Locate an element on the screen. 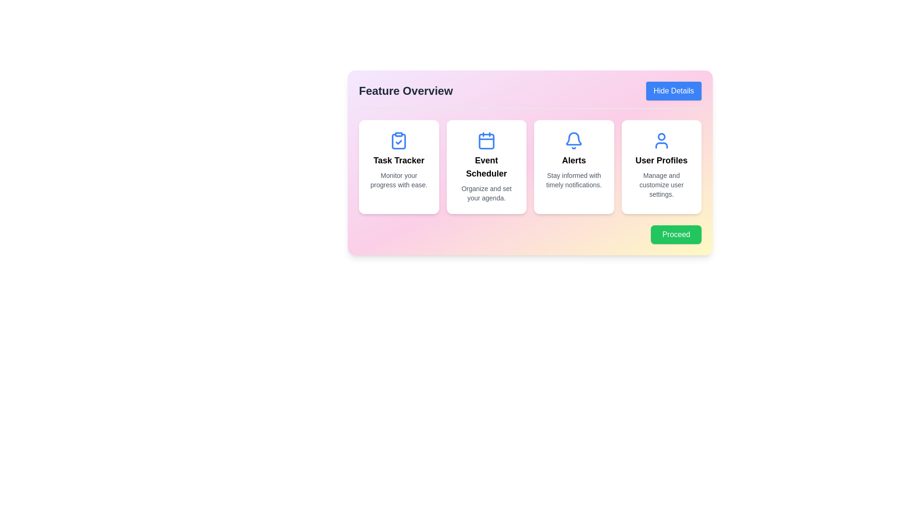 This screenshot has height=507, width=901. and comprehend the text of the 'User Profiles' title label, which is centrally located in the fourth feature card under the user icon is located at coordinates (661, 160).